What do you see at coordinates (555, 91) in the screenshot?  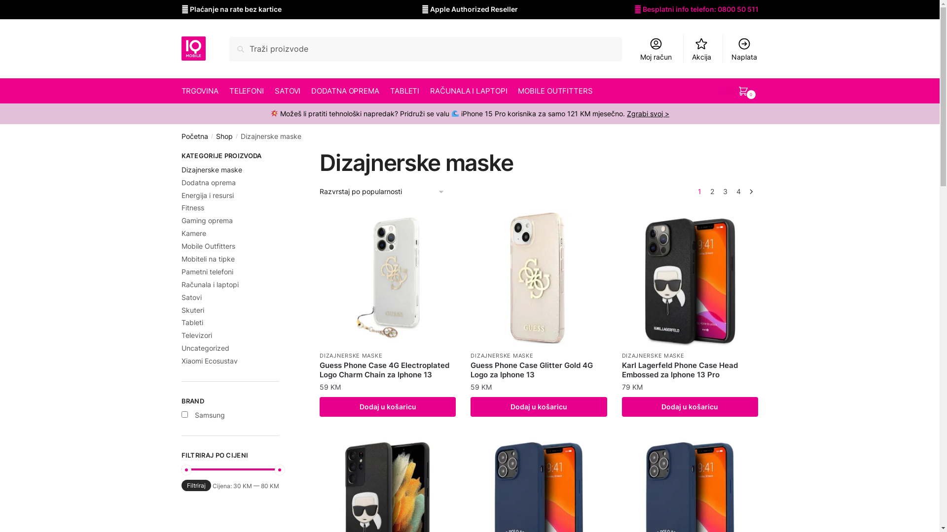 I see `'MOBILE OUTFITTERS'` at bounding box center [555, 91].